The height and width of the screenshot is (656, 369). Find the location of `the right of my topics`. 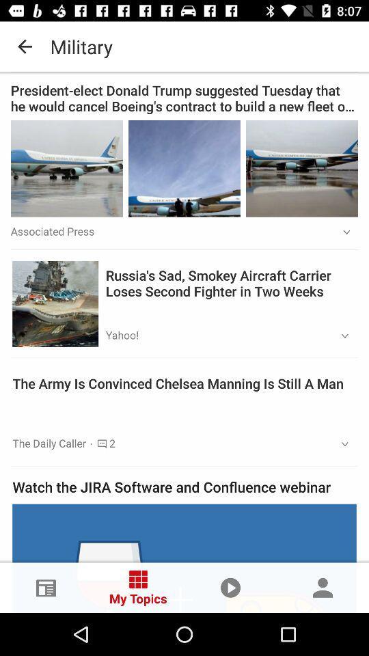

the right of my topics is located at coordinates (230, 587).